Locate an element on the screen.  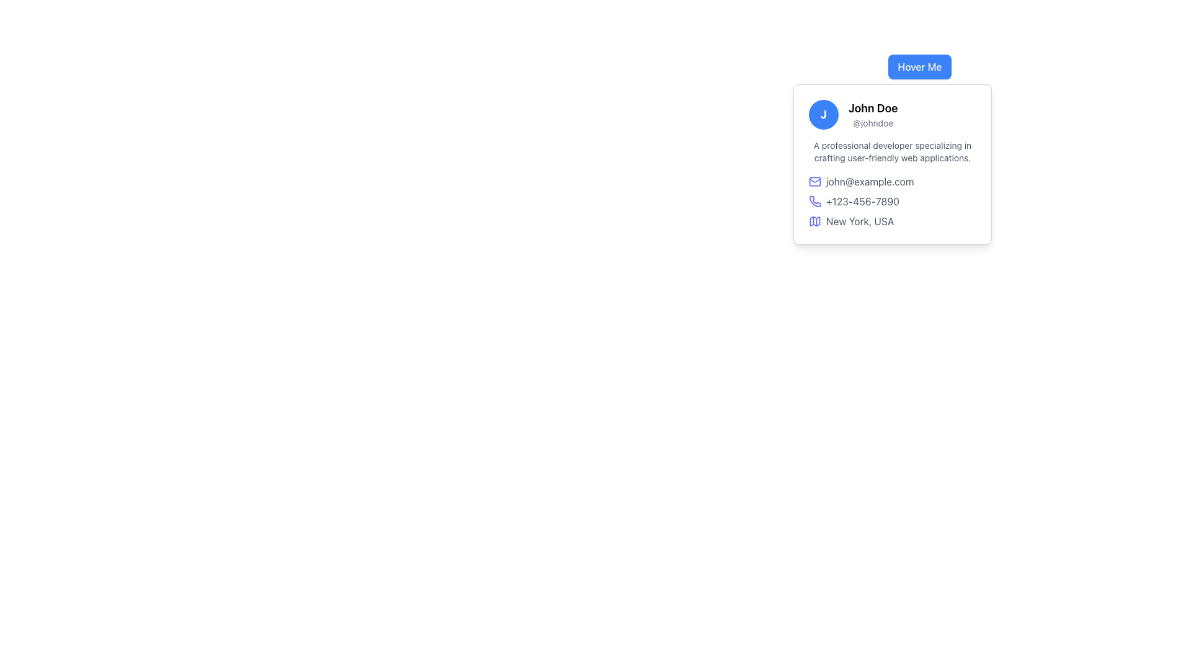
the Text Label displaying 'John Doe', which serves as the primary identifier in the profile card UI is located at coordinates (872, 107).